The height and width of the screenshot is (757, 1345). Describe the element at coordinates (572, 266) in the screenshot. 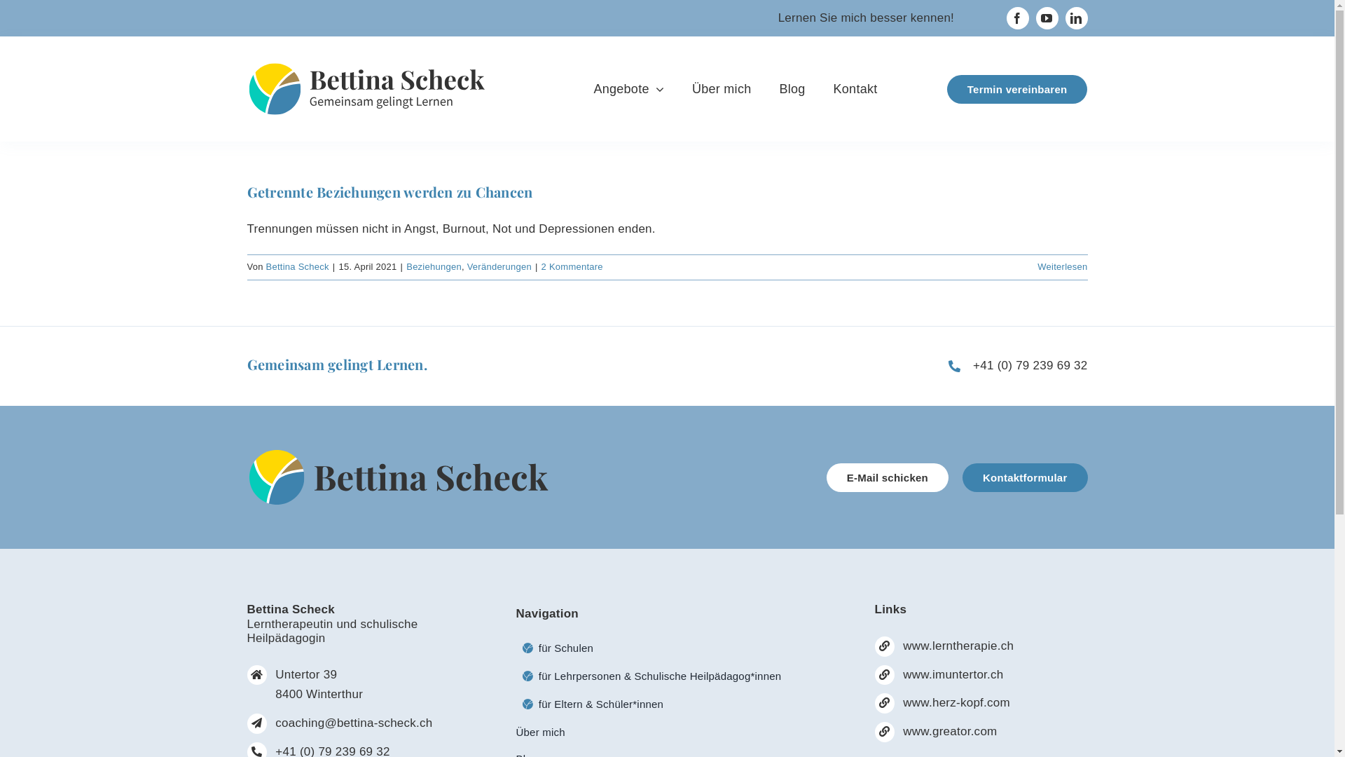

I see `'2 Kommentare'` at that location.